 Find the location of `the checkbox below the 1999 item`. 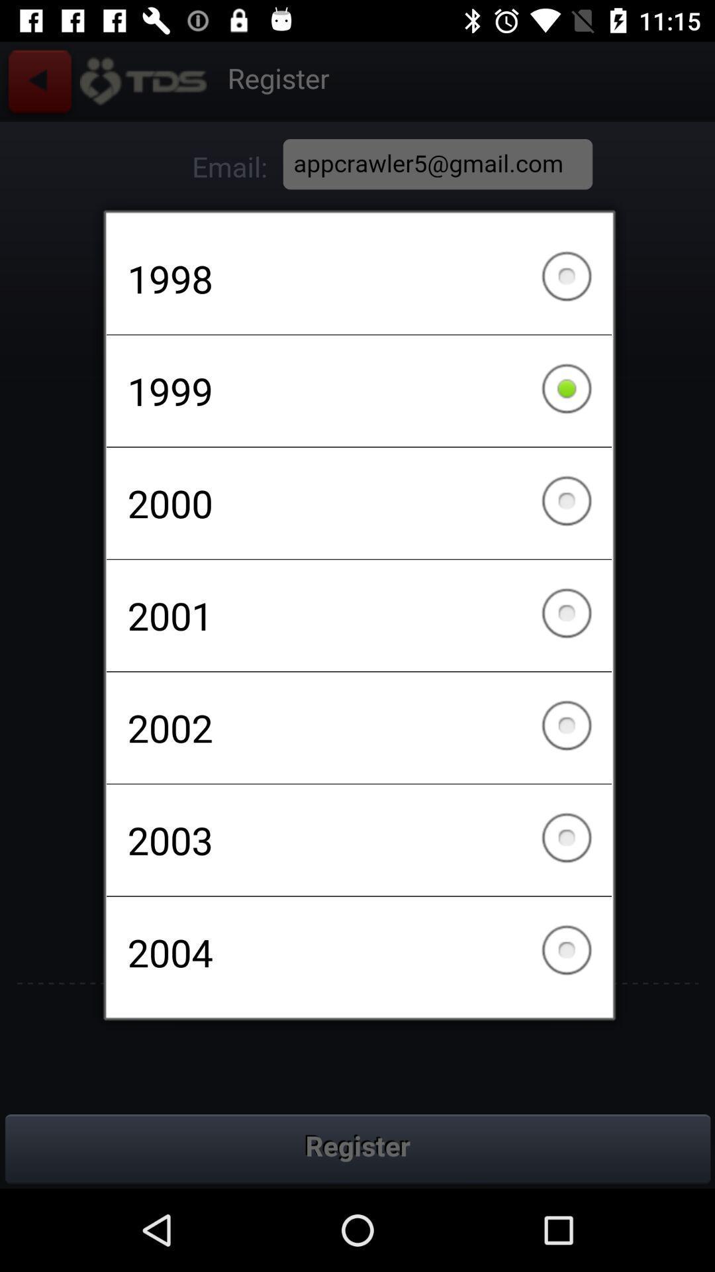

the checkbox below the 1999 item is located at coordinates (359, 502).